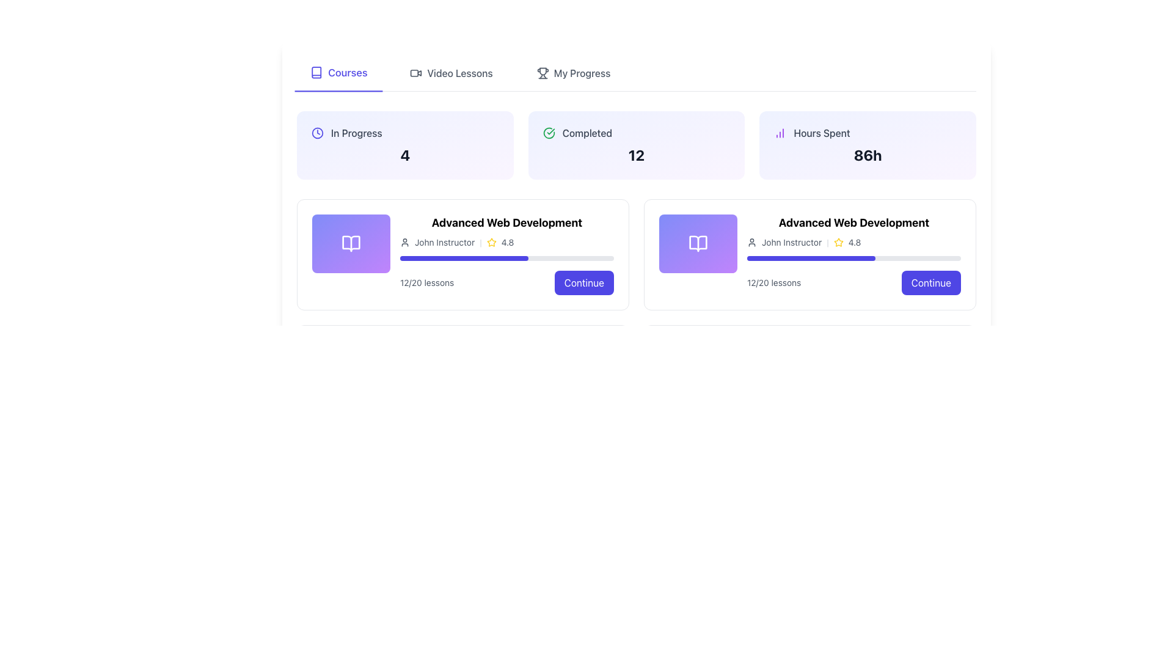 The width and height of the screenshot is (1173, 660). I want to click on the Summary Box located in the top left corner of the statistic dashboard, which features a gradient background from indigo to purple, rounded corners, a label 'In Progress', and a large number '4', so click(405, 145).